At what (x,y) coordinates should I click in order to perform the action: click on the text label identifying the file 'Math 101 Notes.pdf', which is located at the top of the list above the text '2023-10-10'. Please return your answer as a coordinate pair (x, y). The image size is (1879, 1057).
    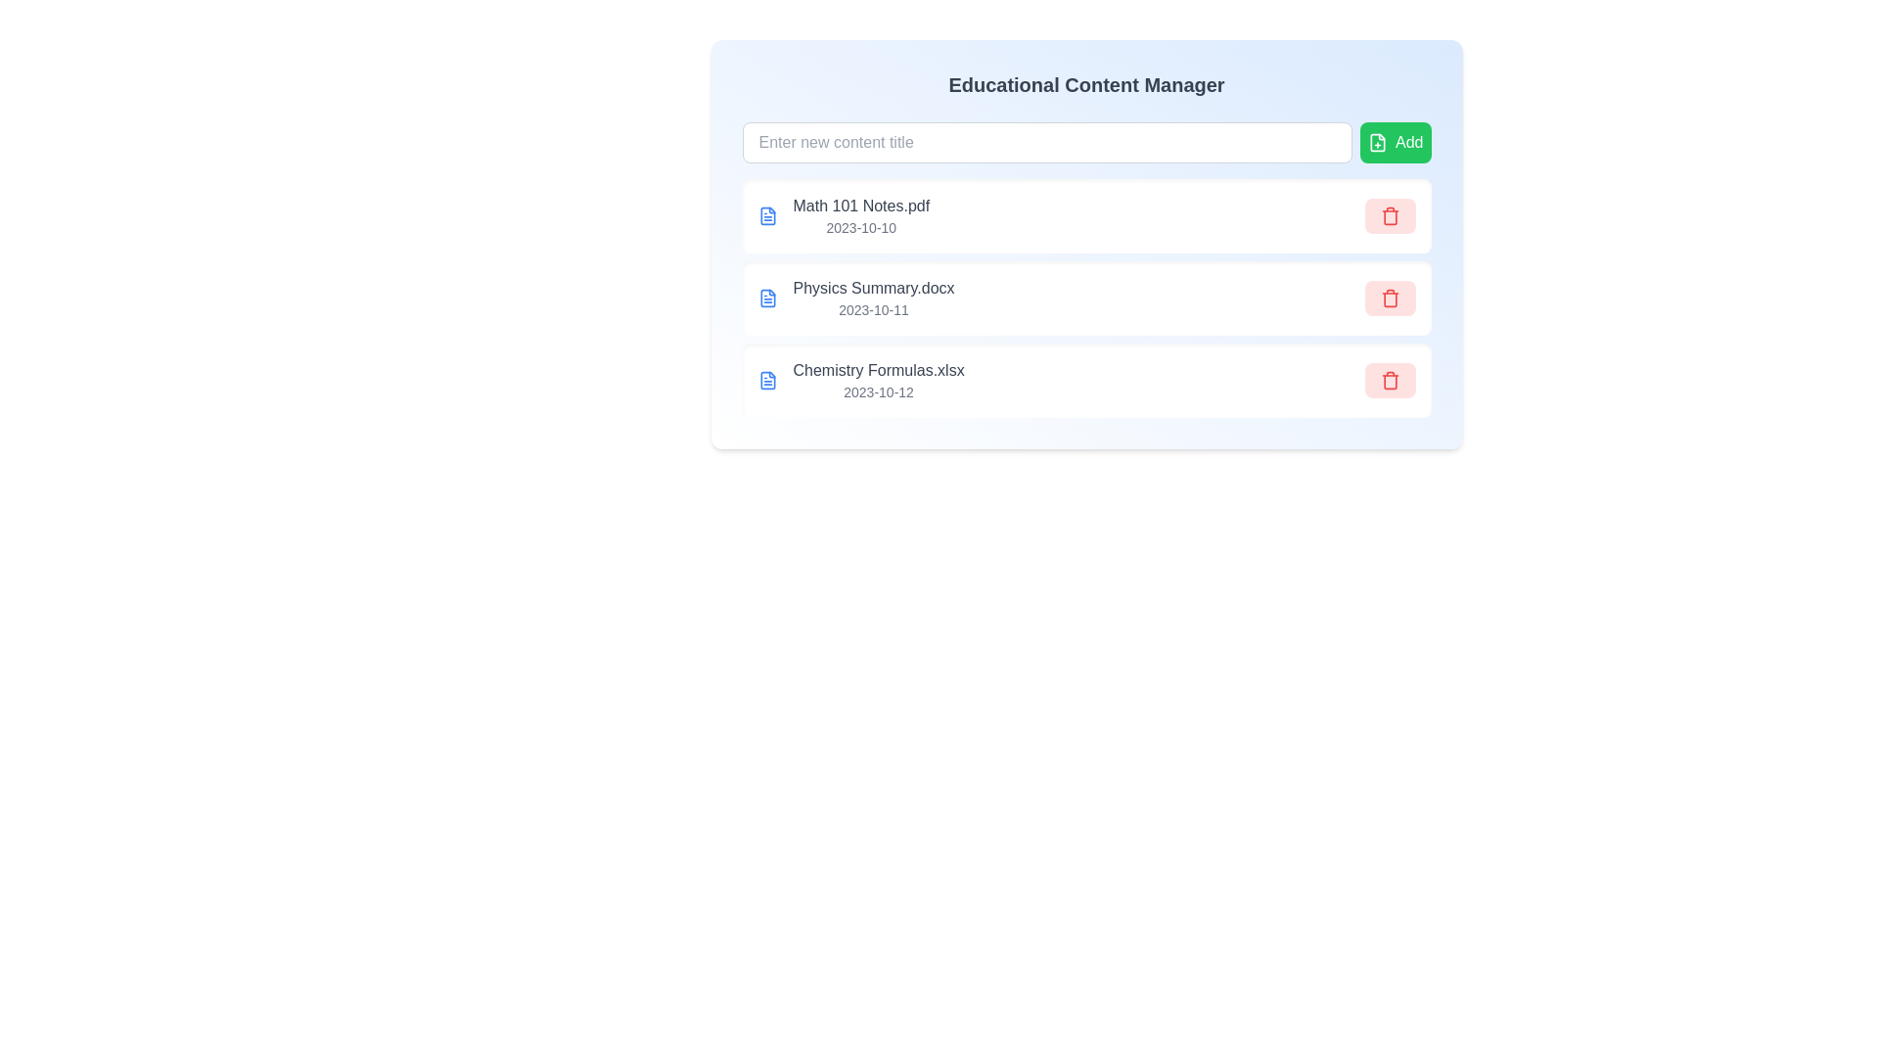
    Looking at the image, I should click on (861, 207).